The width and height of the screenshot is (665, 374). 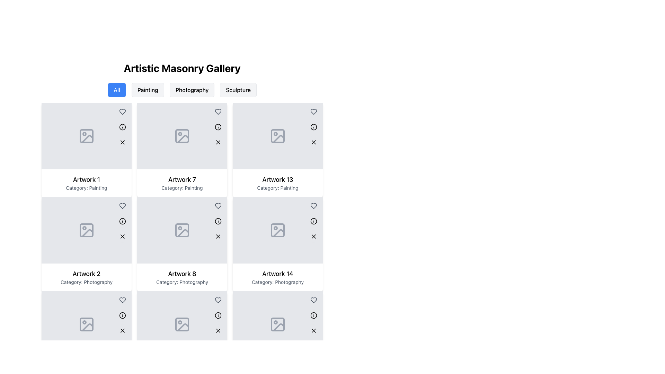 What do you see at coordinates (123, 300) in the screenshot?
I see `the heart button at the top-right of the 'Artwork 2' grid cell to like or favorite the artwork` at bounding box center [123, 300].